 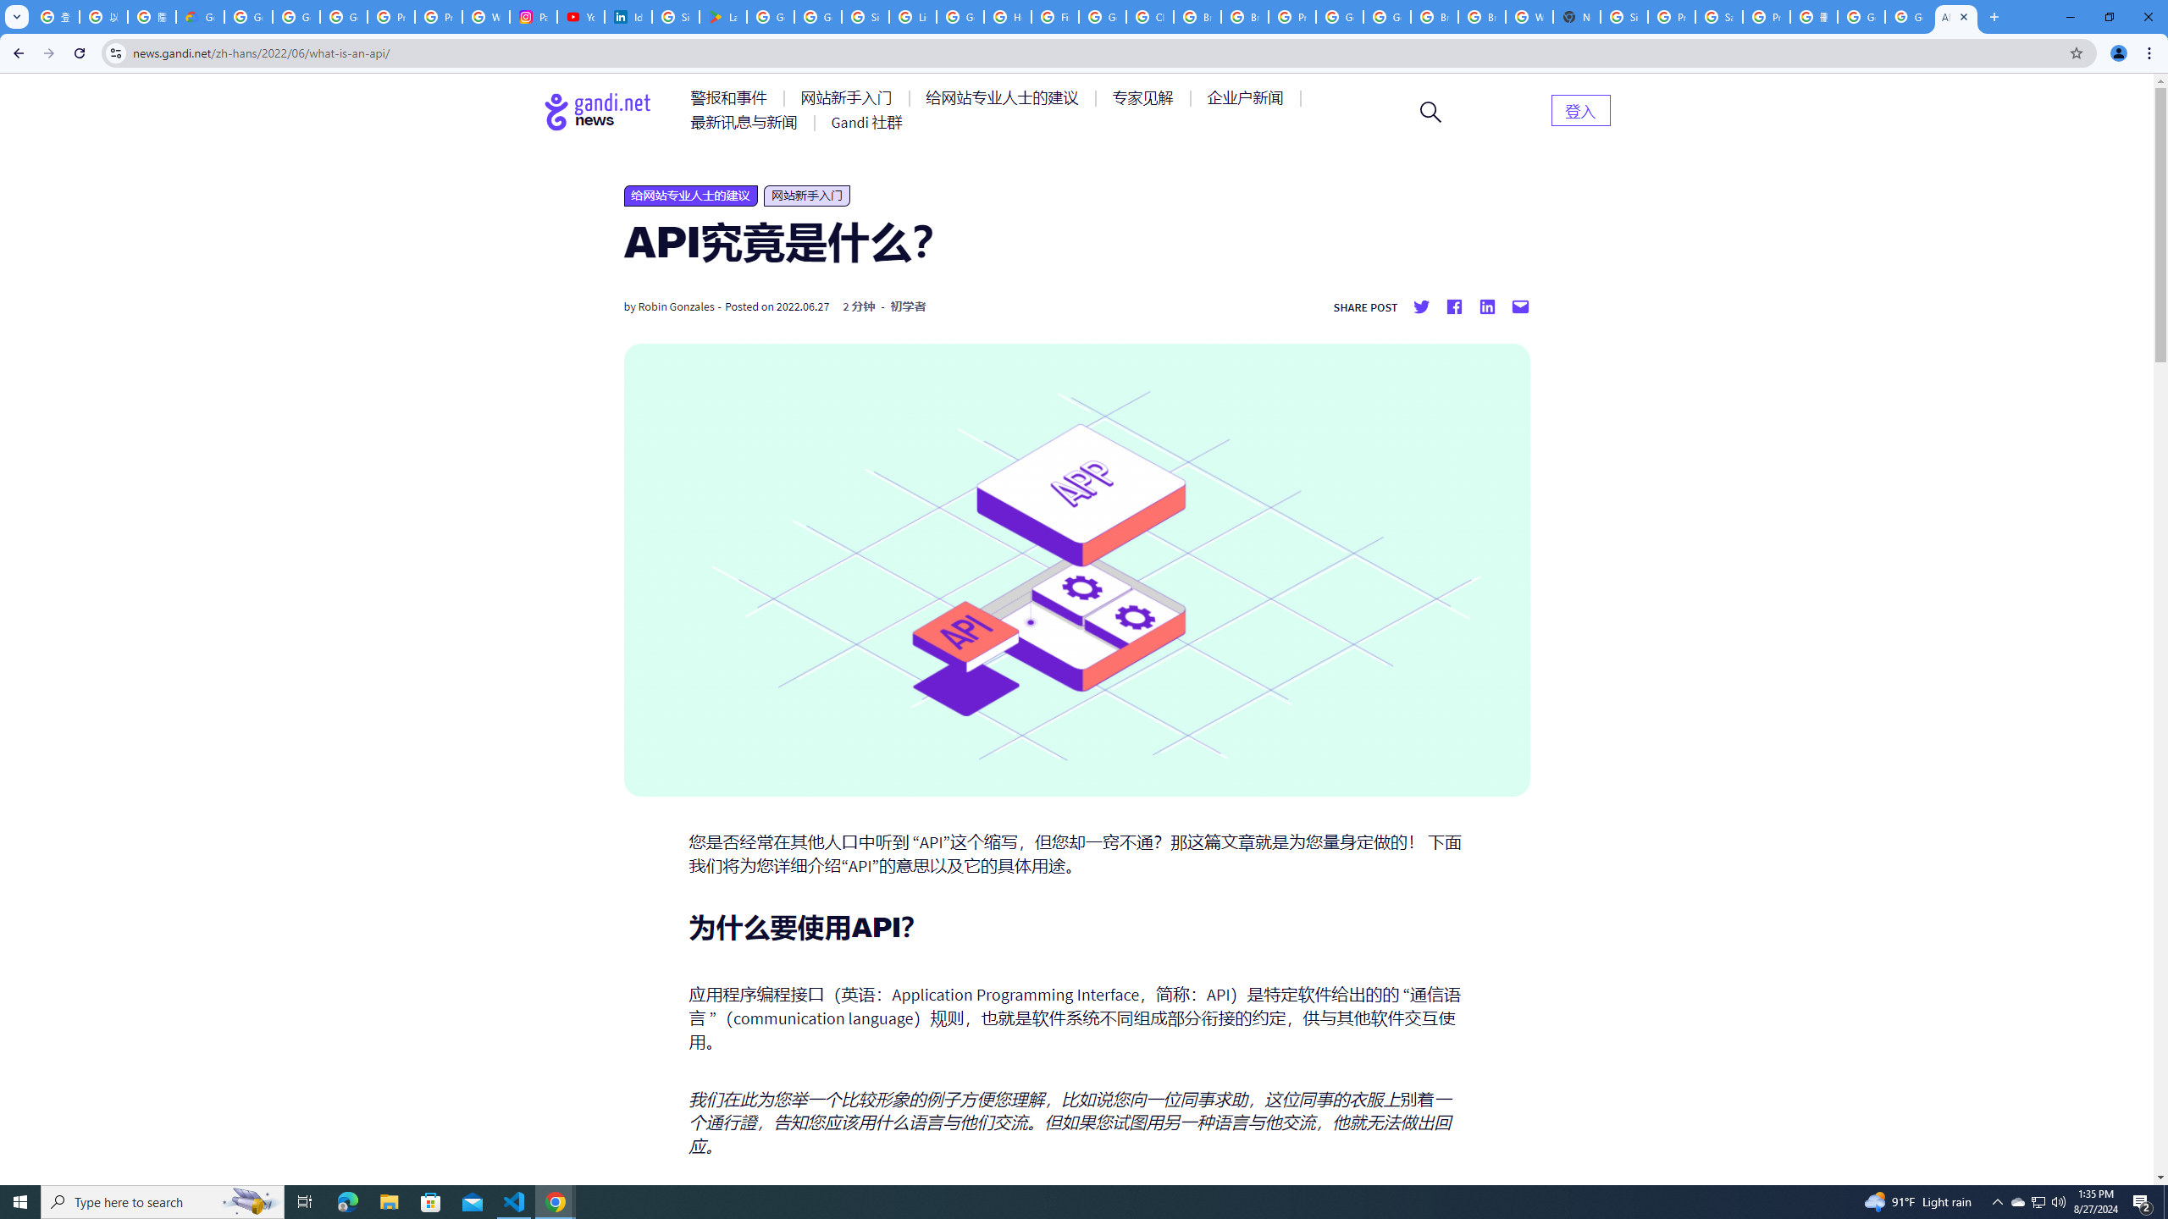 What do you see at coordinates (1453, 306) in the screenshot?
I see `'Share on facebook'` at bounding box center [1453, 306].